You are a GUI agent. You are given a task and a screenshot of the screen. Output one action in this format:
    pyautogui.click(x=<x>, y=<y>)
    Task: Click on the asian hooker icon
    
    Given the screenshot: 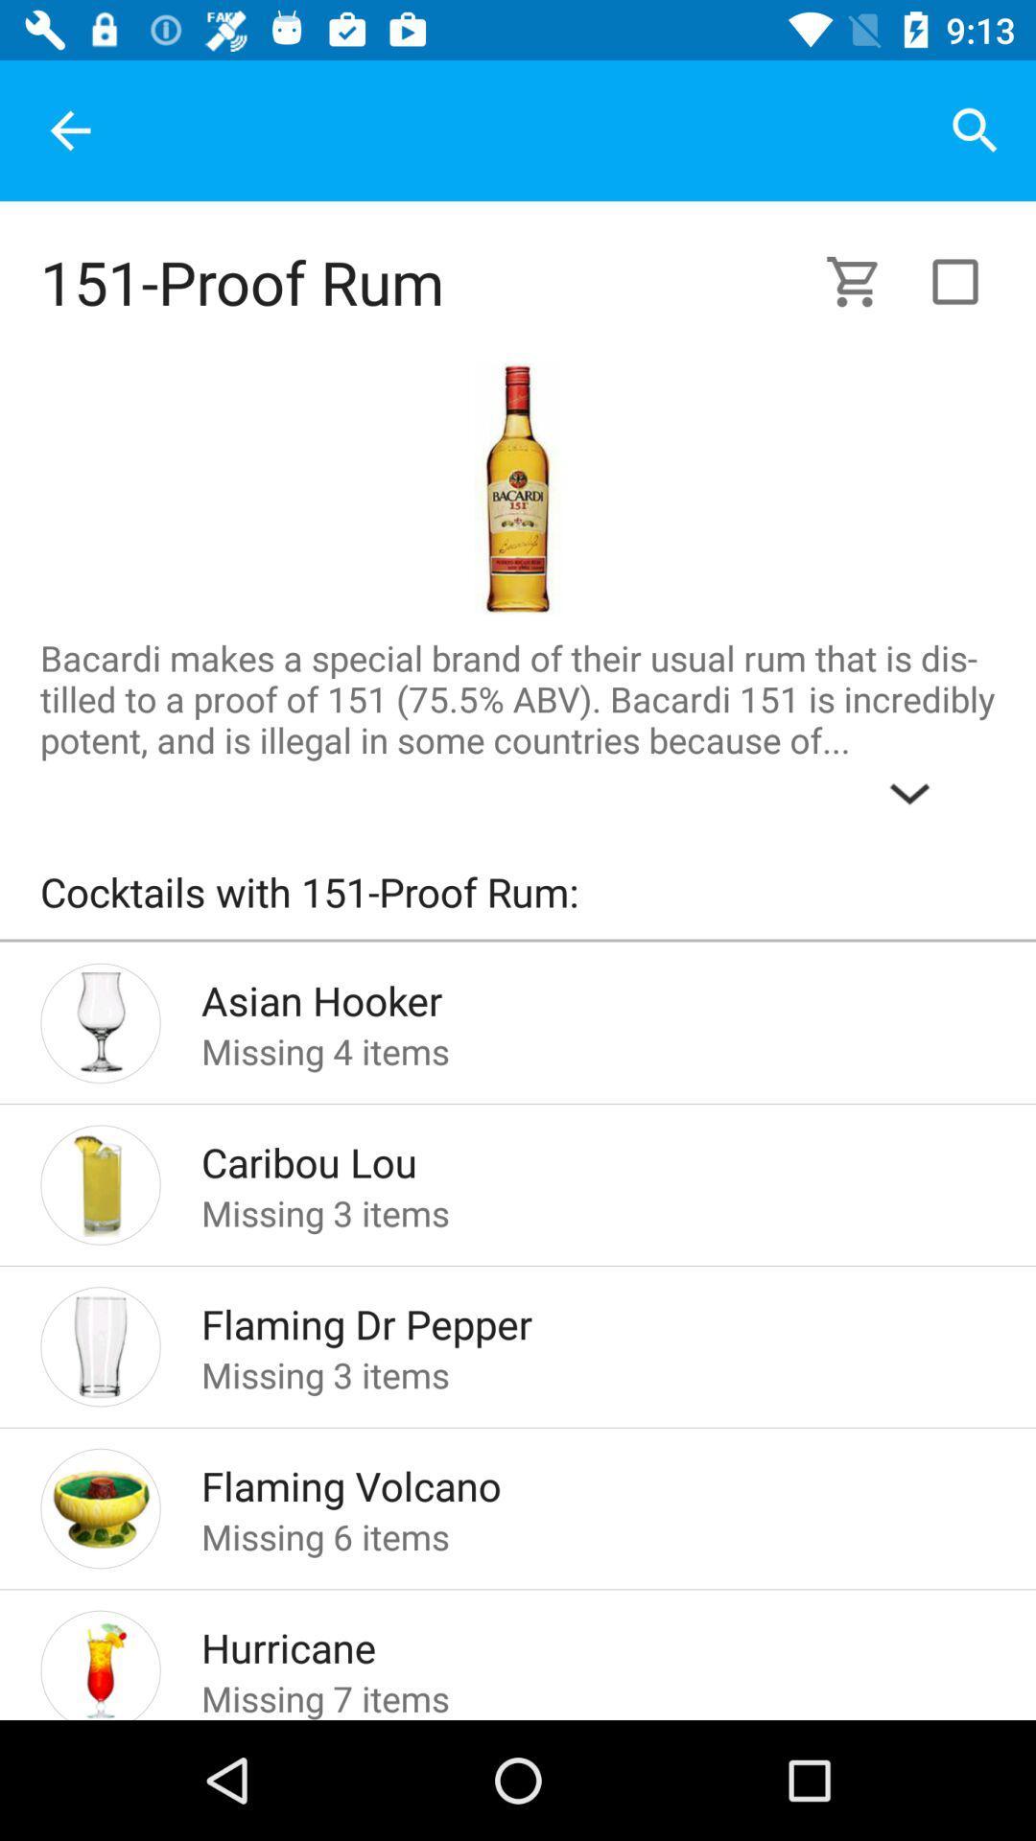 What is the action you would take?
    pyautogui.click(x=567, y=994)
    